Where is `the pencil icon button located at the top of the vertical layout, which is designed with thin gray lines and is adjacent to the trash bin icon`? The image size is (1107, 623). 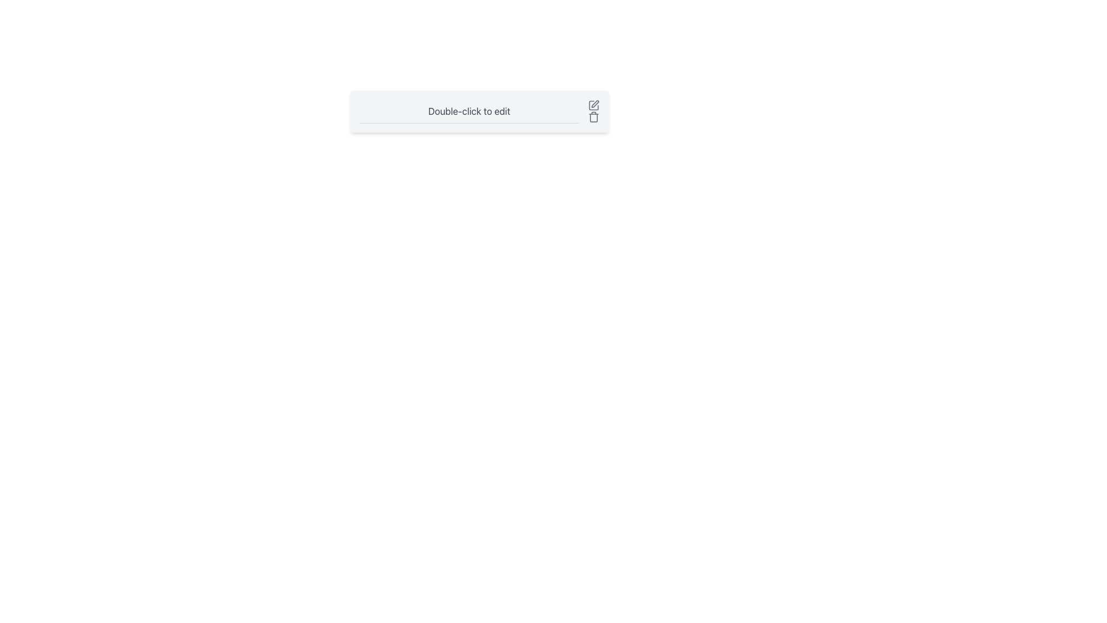 the pencil icon button located at the top of the vertical layout, which is designed with thin gray lines and is adjacent to the trash bin icon is located at coordinates (594, 105).